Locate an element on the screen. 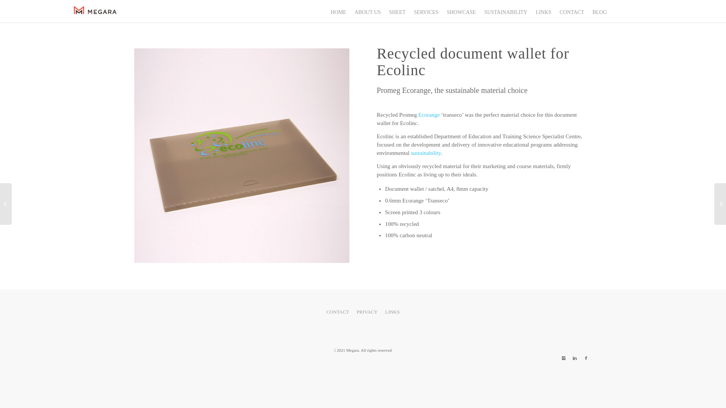 This screenshot has width=726, height=408. 'SHEET' is located at coordinates (397, 11).